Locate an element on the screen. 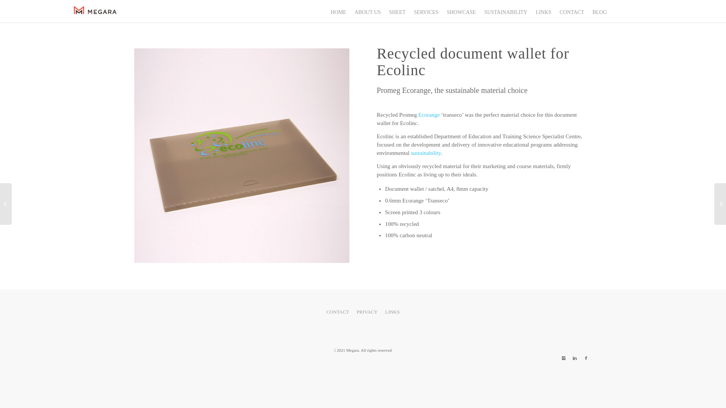 This screenshot has width=726, height=408. 'SHEET' is located at coordinates (397, 11).